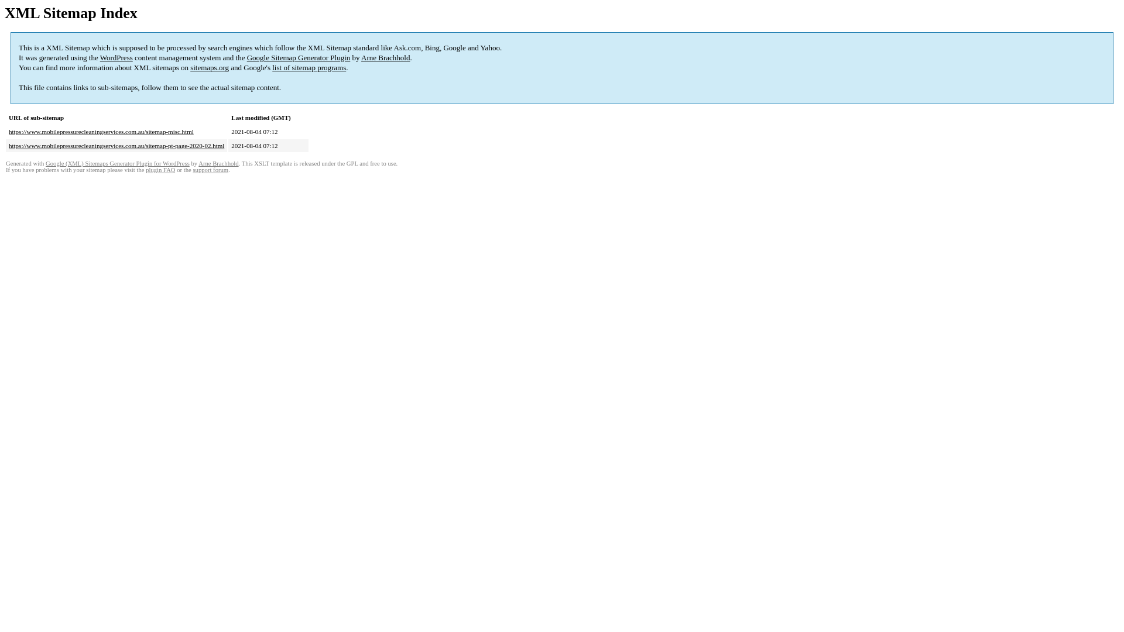 Image resolution: width=1124 pixels, height=632 pixels. I want to click on 'plugin FAQ', so click(159, 170).